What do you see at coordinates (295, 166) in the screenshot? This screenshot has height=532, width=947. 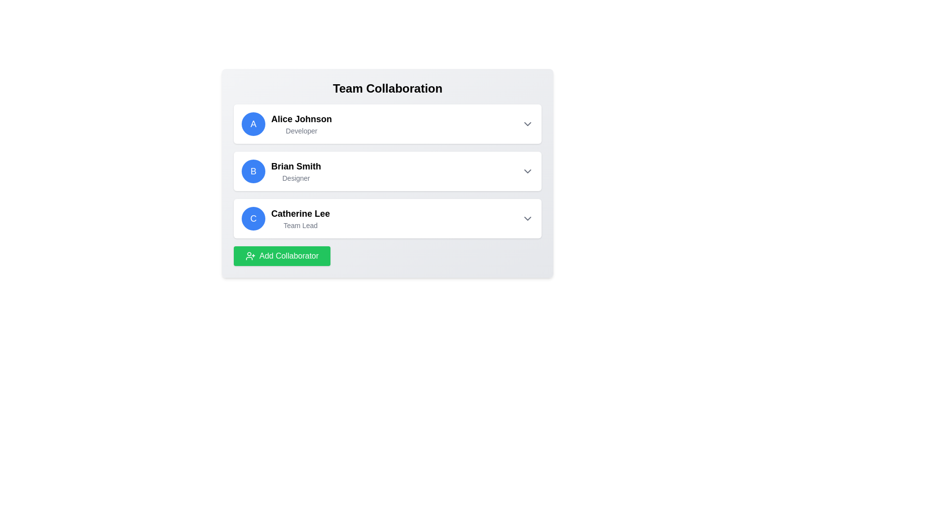 I see `text label displaying 'Brian Smith' in bold, which is located centrally in the second row of the list, below 'Alice Johnson' and above 'Catherine Lee', and to the right of a circular blue icon with the letter 'B'` at bounding box center [295, 166].